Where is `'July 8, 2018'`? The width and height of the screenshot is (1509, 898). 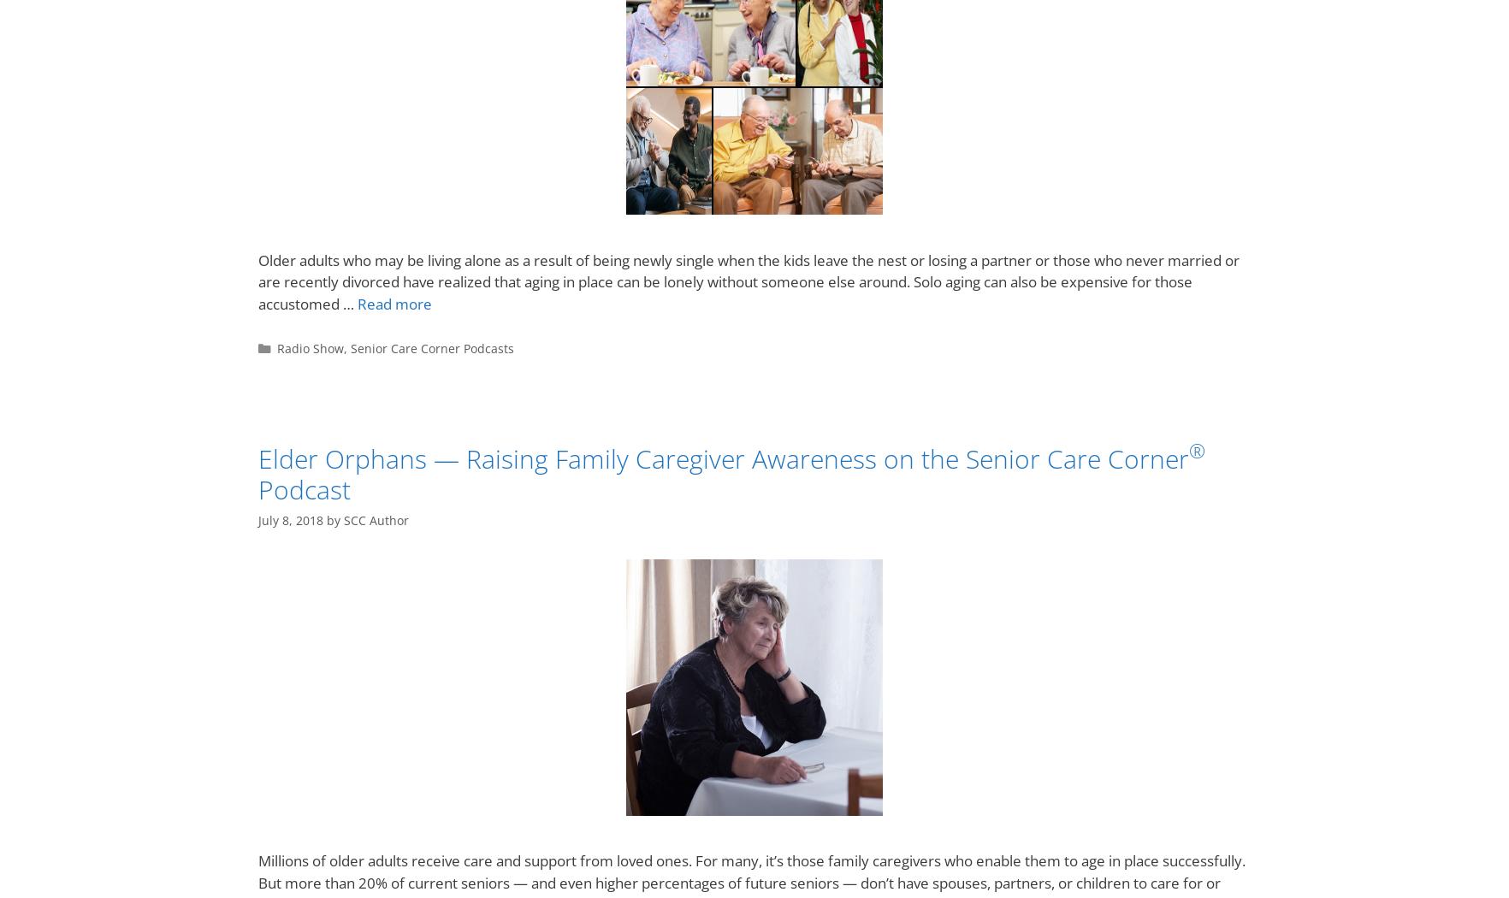
'July 8, 2018' is located at coordinates (290, 520).